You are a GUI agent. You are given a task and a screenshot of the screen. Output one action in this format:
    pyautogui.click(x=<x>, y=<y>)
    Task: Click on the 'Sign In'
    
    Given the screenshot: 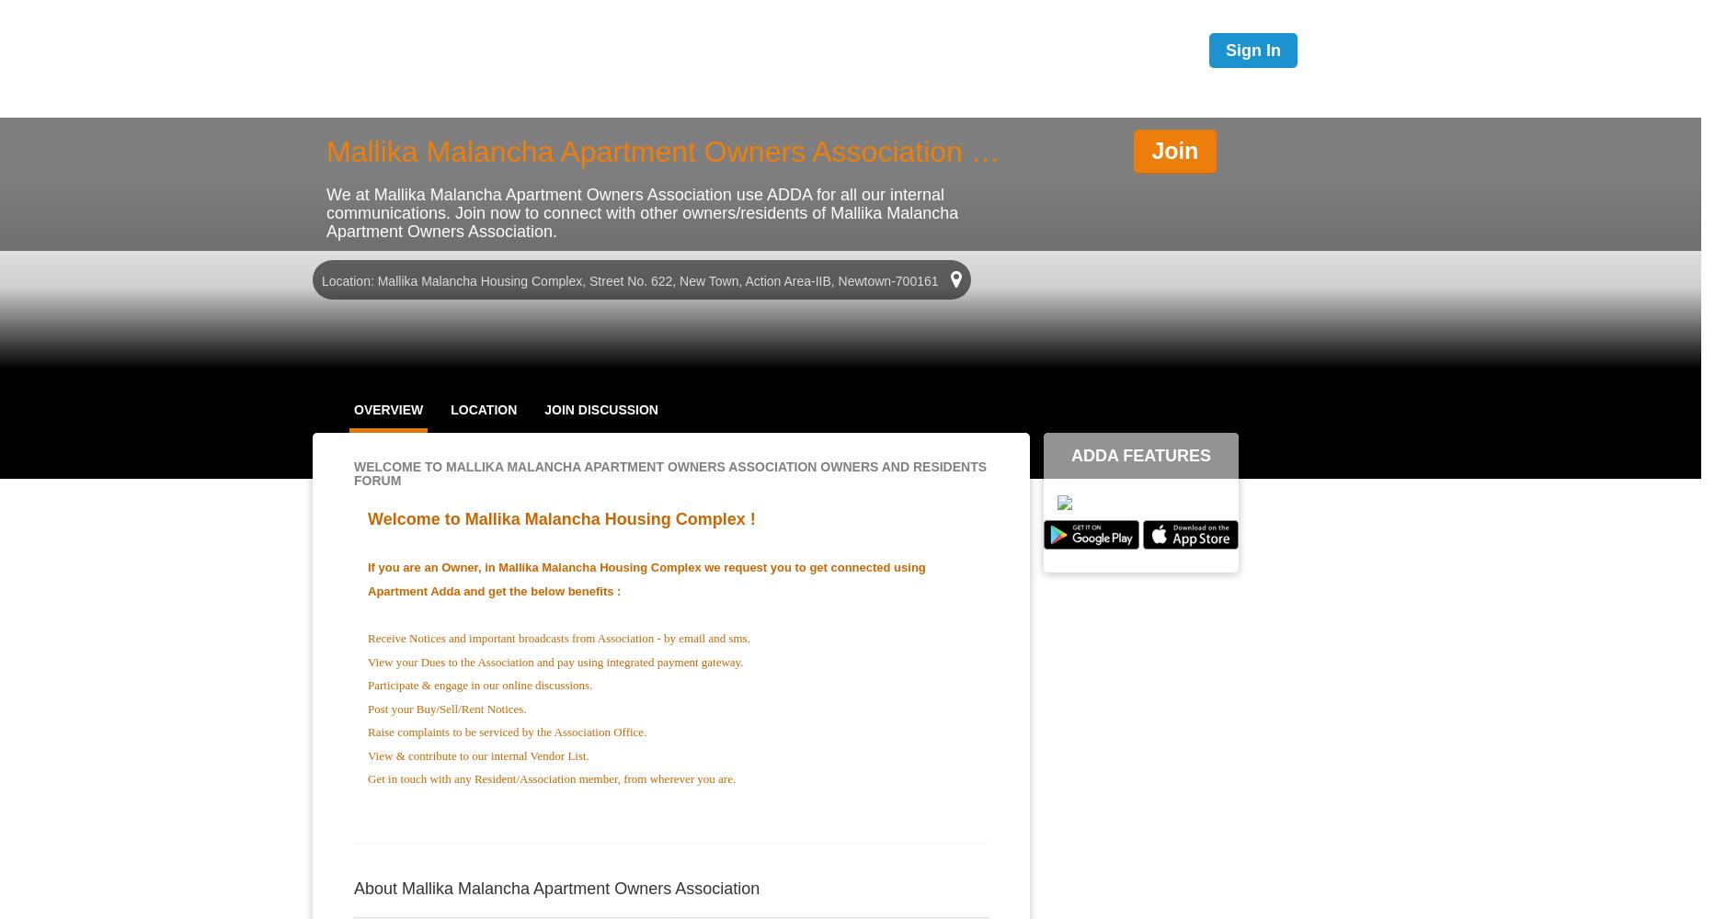 What is the action you would take?
    pyautogui.click(x=1224, y=51)
    